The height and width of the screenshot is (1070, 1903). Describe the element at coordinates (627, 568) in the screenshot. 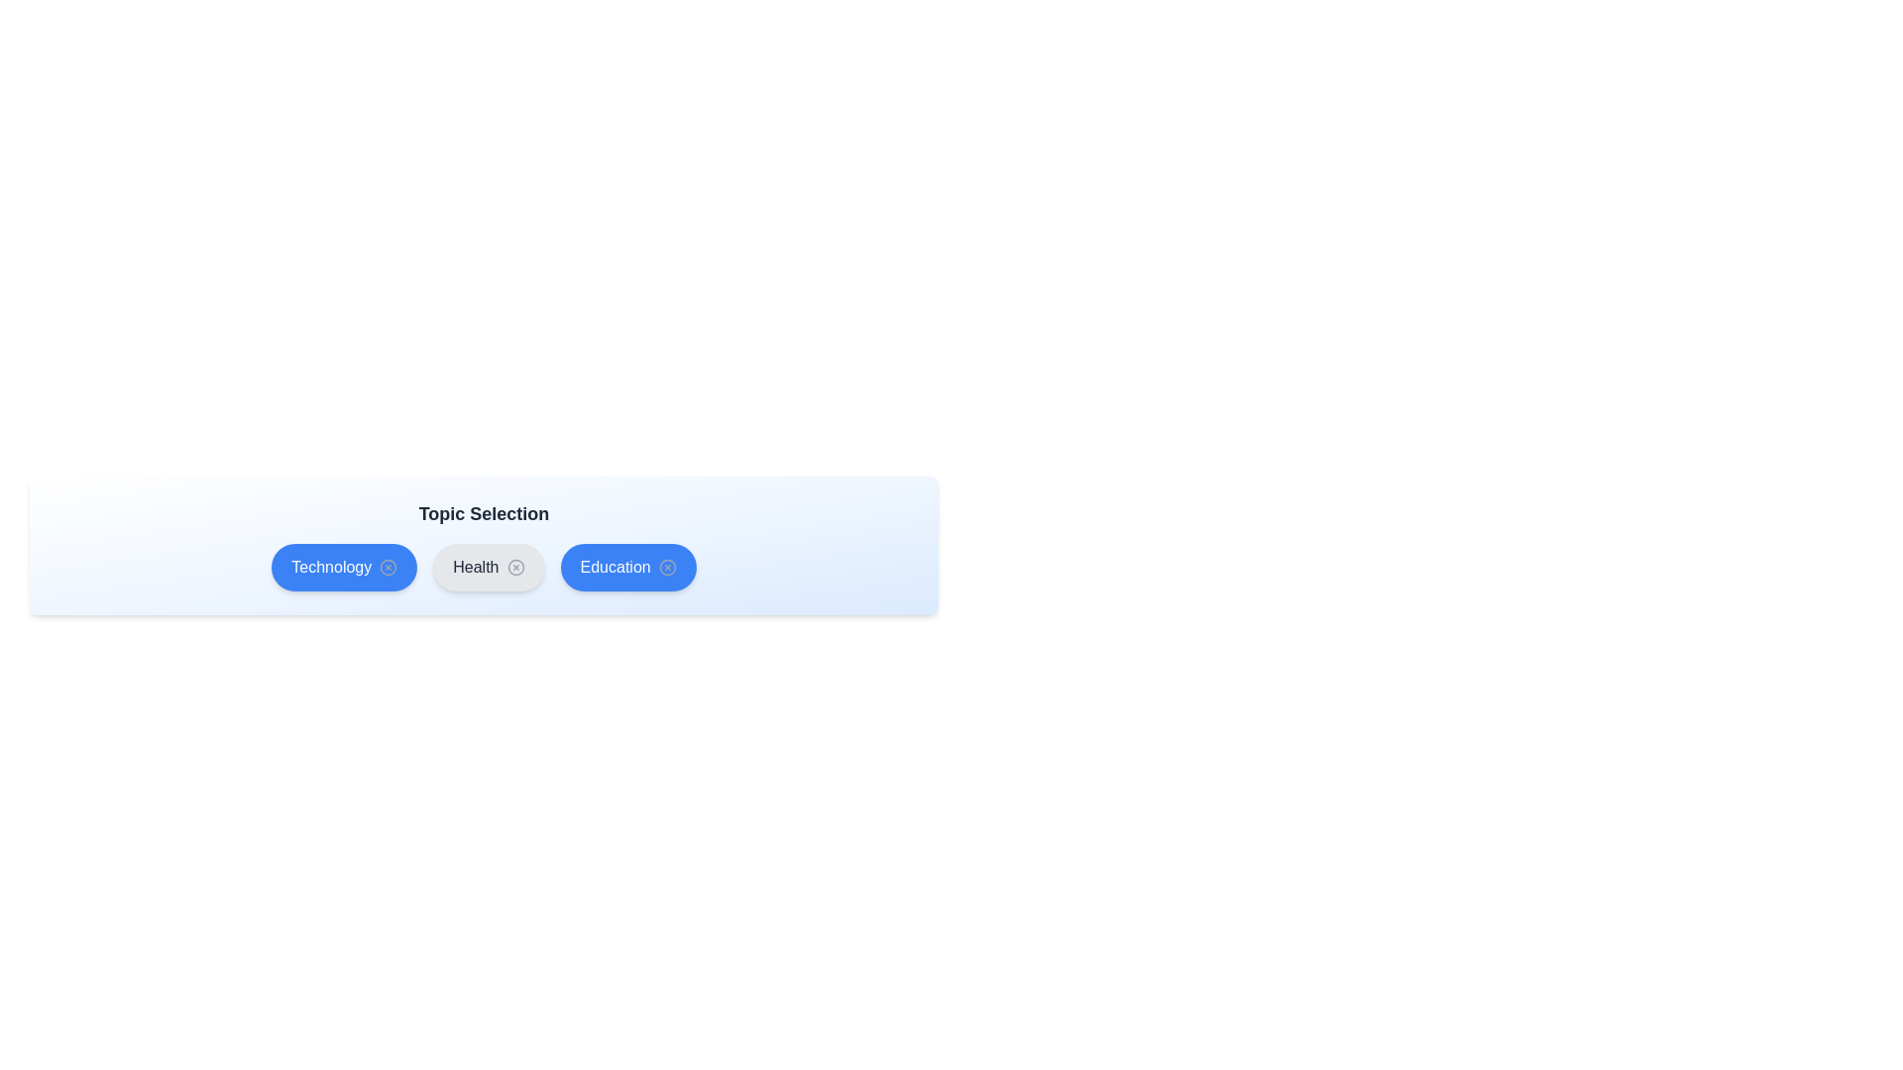

I see `the topic Education by clicking on it` at that location.